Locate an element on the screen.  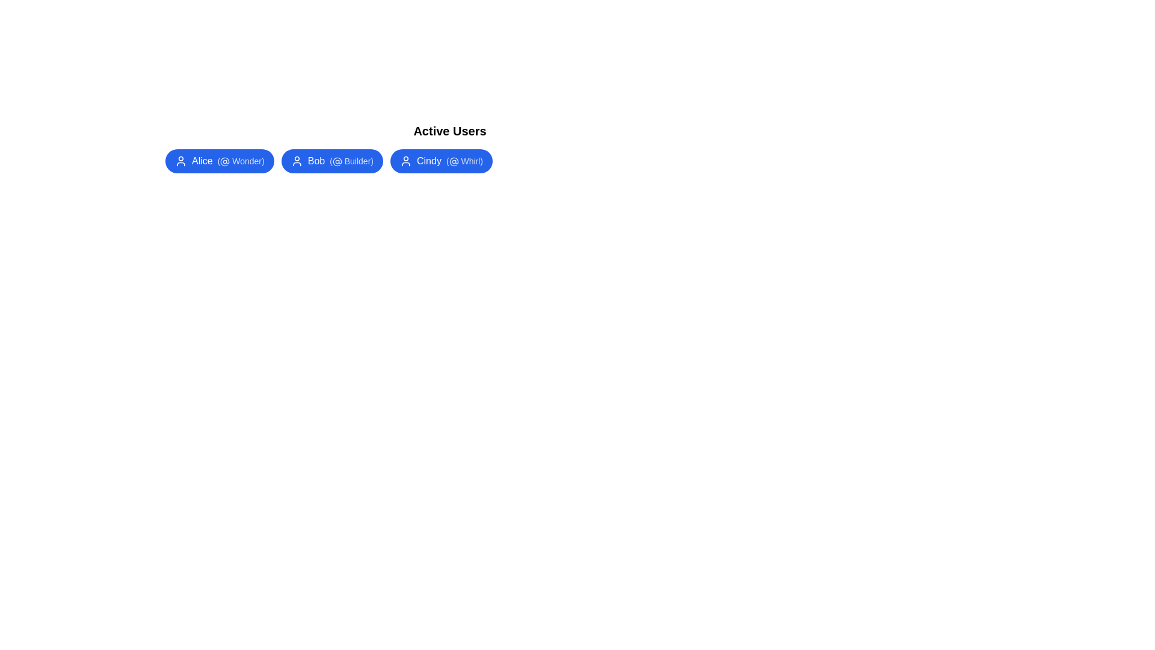
the chip representing Bob is located at coordinates (332, 160).